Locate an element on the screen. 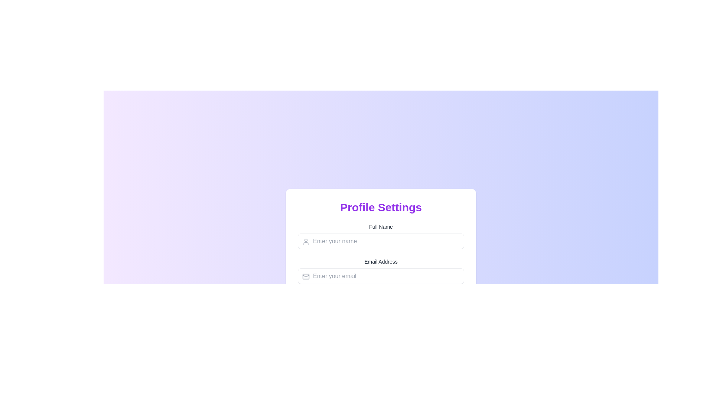 The image size is (713, 401). the email input icon located to the left of the email address input field in the form is located at coordinates (306, 276).